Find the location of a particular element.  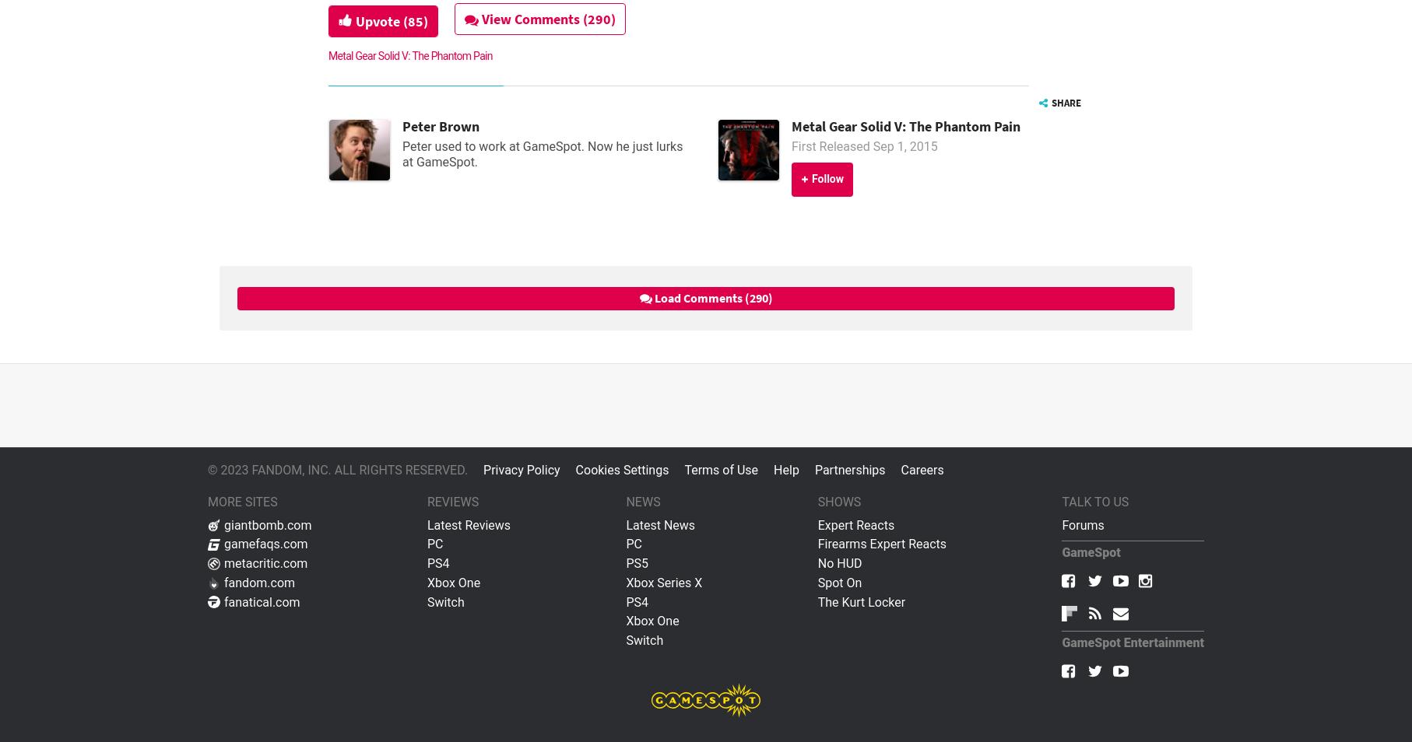

'Sep 1, 2015' is located at coordinates (904, 145).